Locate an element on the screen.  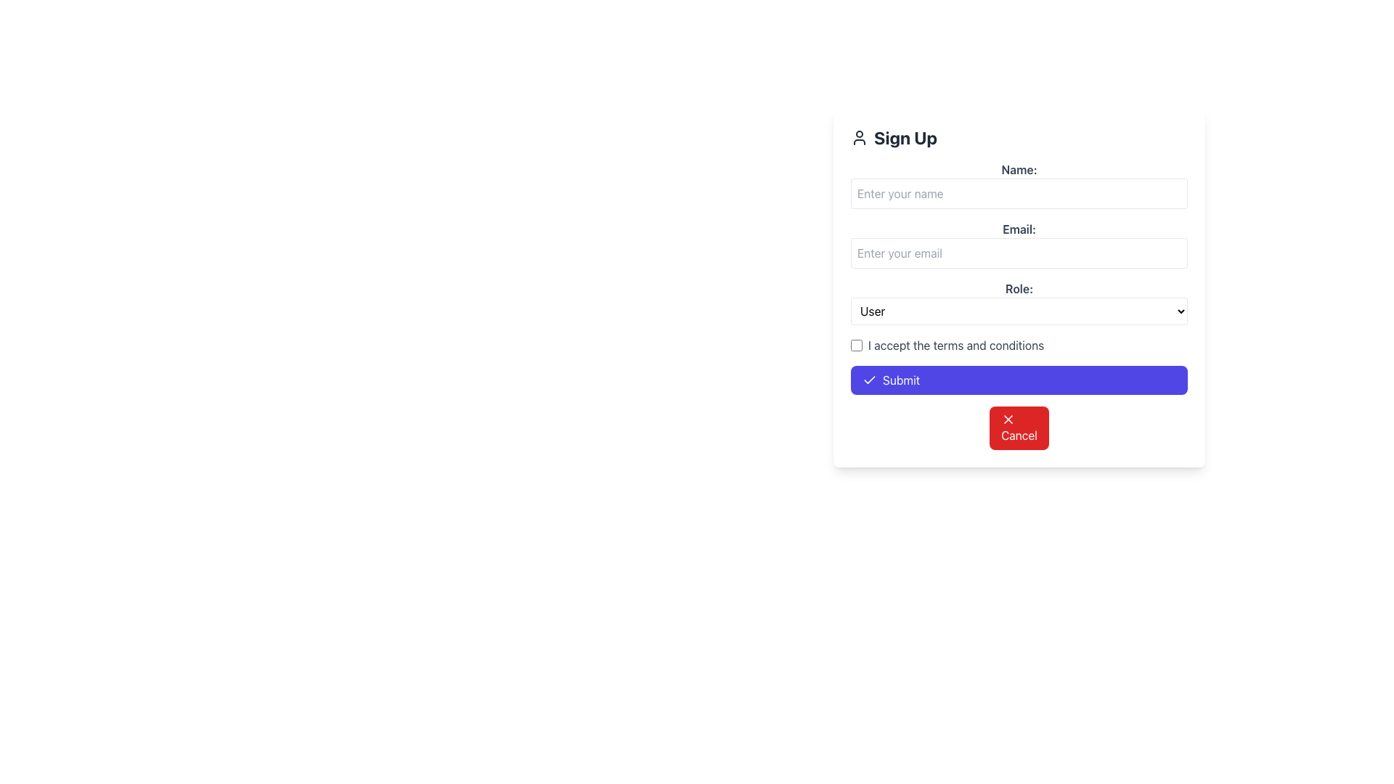
the cancel icon located within the red circular button at the bottom right of the form, labeled as 'Cancel' is located at coordinates (1008, 420).